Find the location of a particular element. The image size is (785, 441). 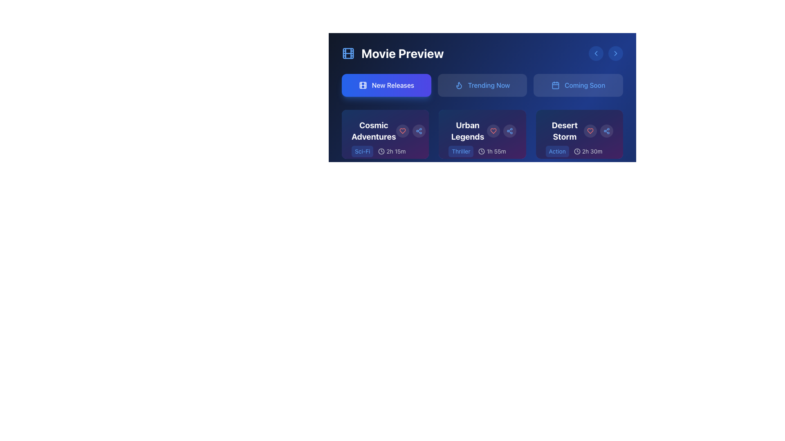

text label 'Cosmic Adventures' which is the first title in the list of multimedia items, located under the 'Movie Preview' header is located at coordinates (385, 130).